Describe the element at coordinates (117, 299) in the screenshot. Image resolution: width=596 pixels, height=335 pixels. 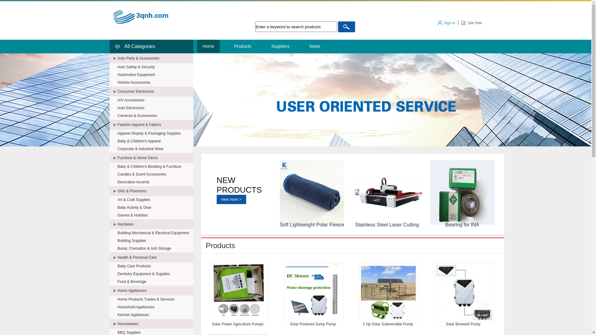
I see `'Home Products Trades & Services'` at that location.